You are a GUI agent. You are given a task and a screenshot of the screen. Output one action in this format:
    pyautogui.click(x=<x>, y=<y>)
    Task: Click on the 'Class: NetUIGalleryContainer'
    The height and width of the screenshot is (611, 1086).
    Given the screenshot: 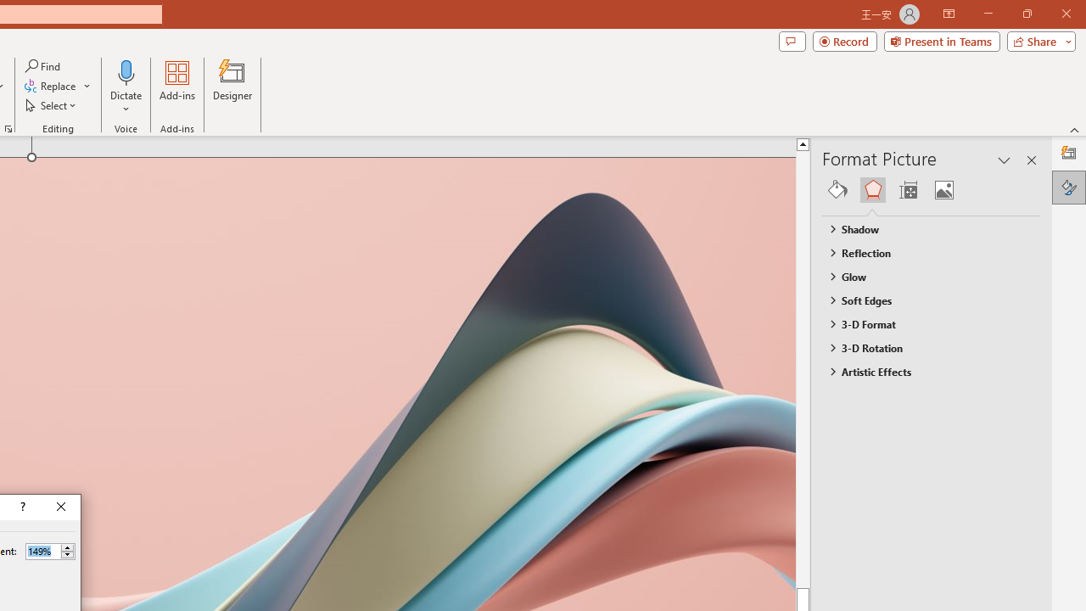 What is the action you would take?
    pyautogui.click(x=931, y=189)
    